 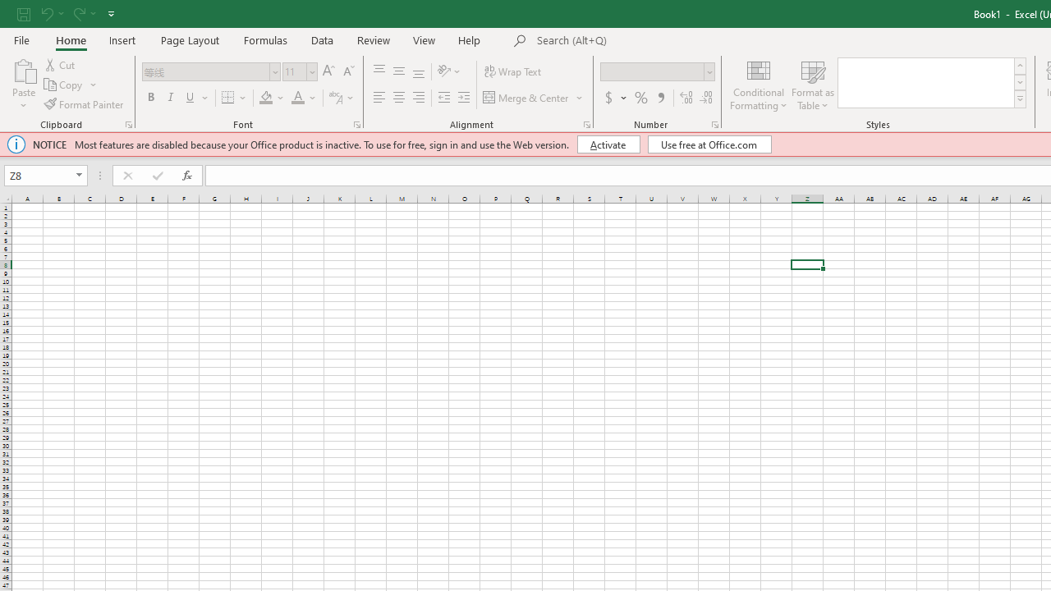 I want to click on 'Page Layout', so click(x=190, y=39).